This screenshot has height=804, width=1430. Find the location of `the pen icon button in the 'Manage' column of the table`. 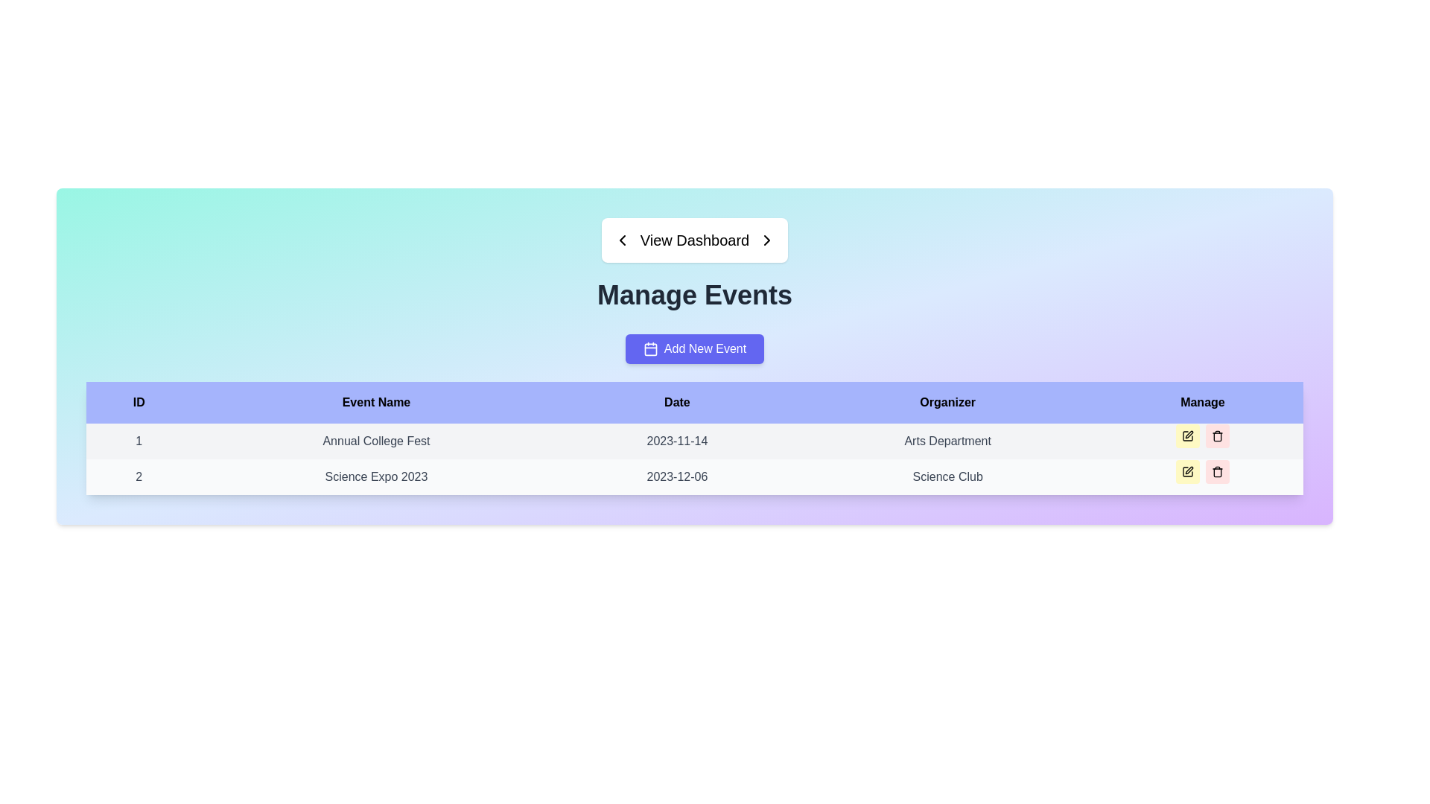

the pen icon button in the 'Manage' column of the table is located at coordinates (1186, 471).